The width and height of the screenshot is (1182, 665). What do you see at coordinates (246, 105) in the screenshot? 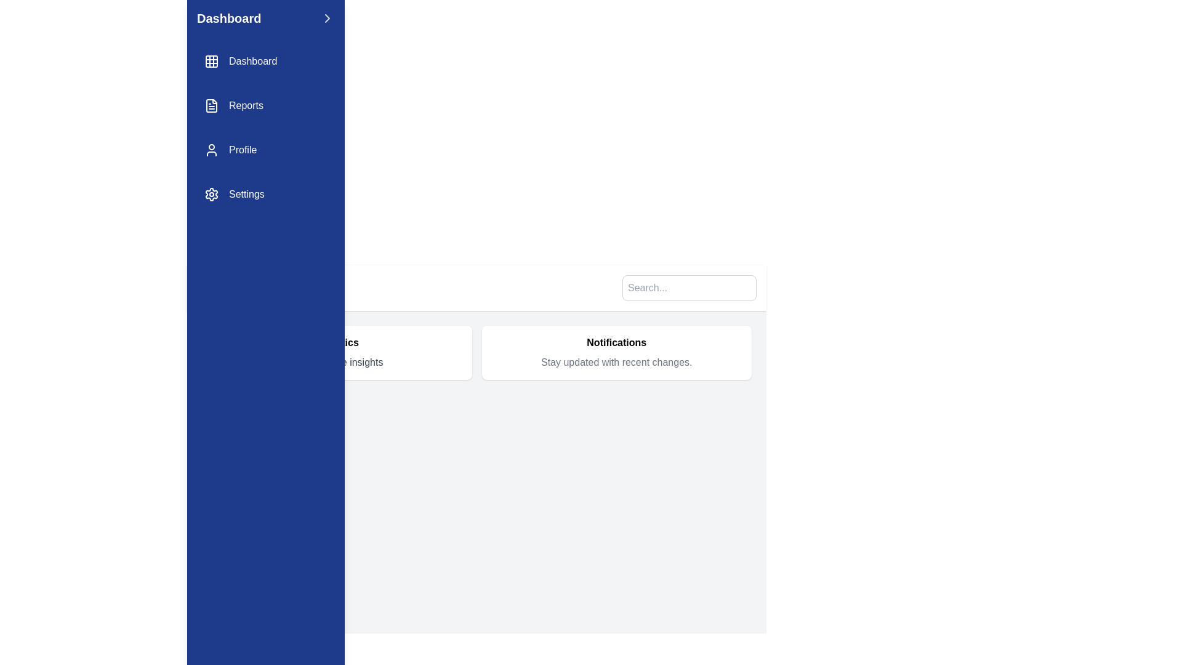
I see `the 'Reports' text label in the vertical navigation menu located in the second row, between 'Dashboard' and 'Profile'` at bounding box center [246, 105].